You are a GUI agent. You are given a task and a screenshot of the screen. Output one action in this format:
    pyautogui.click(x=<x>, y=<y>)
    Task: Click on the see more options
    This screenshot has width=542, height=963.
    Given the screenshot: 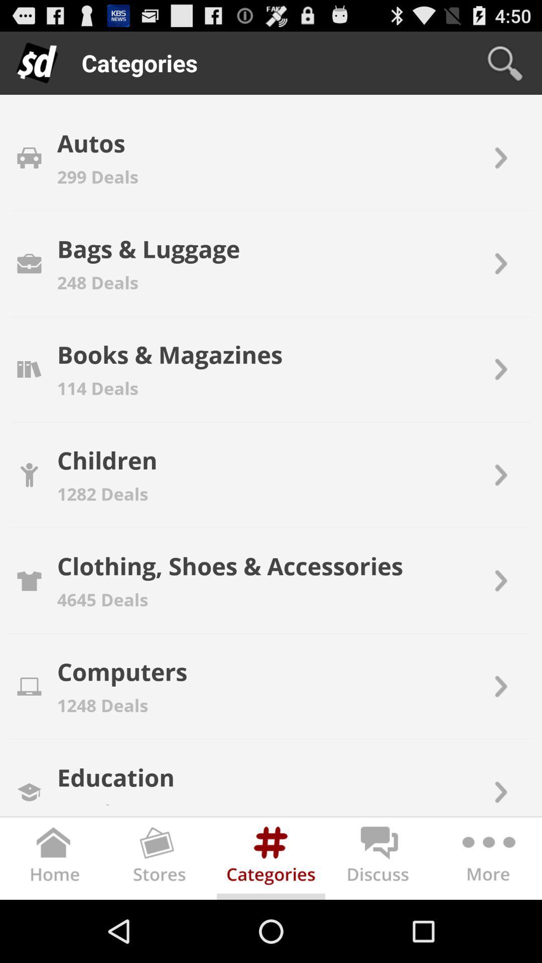 What is the action you would take?
    pyautogui.click(x=487, y=860)
    